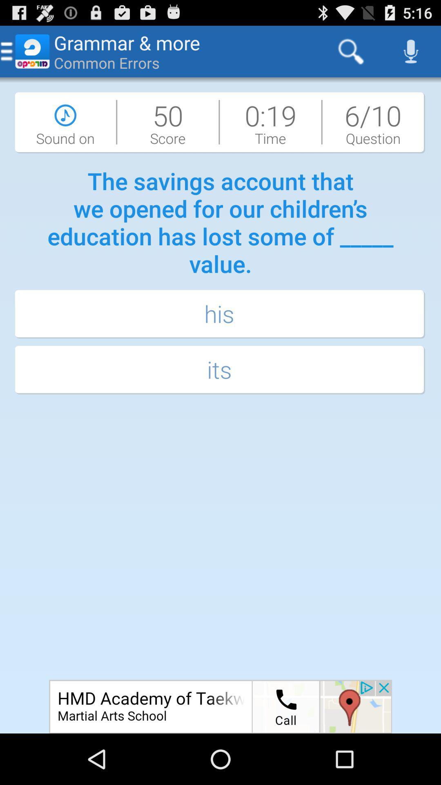  Describe the element at coordinates (220, 706) in the screenshot. I see `because back devicer` at that location.